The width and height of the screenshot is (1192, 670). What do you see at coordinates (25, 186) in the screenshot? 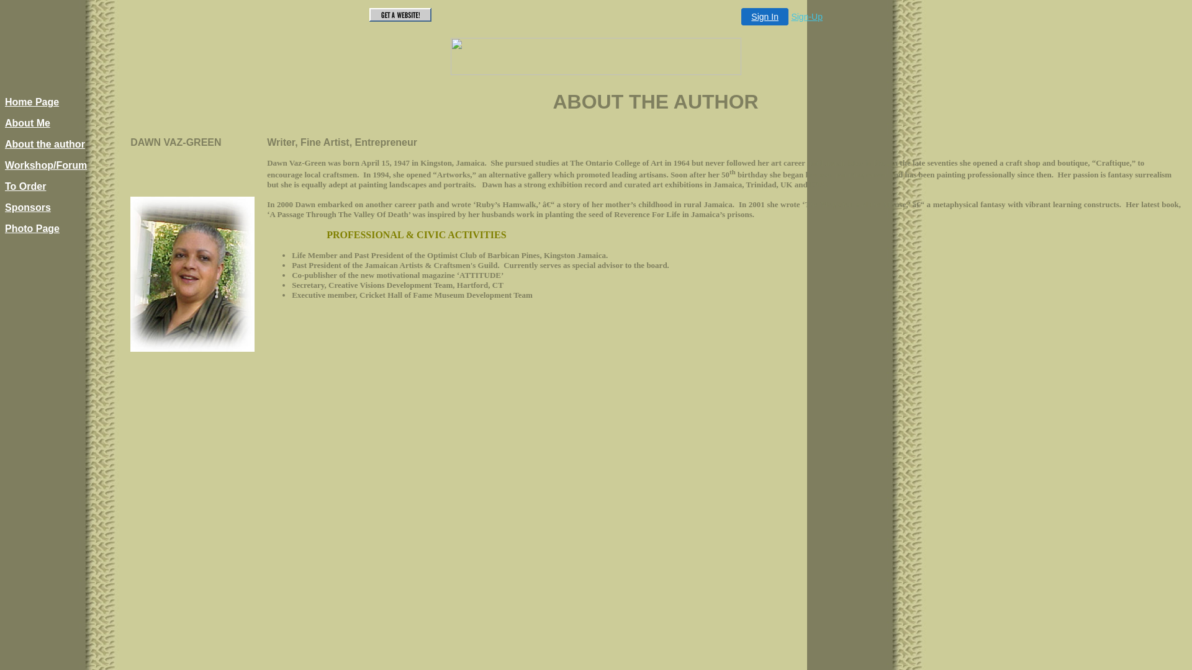
I see `'To Order'` at bounding box center [25, 186].